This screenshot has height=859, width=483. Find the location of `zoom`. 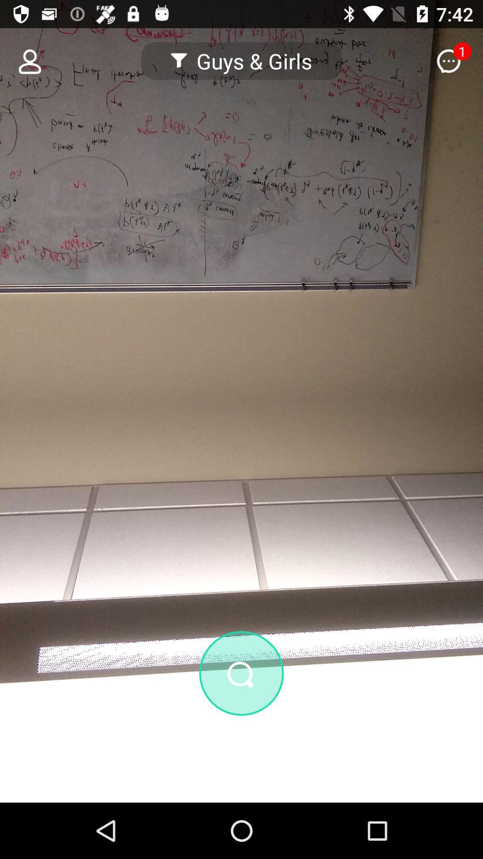

zoom is located at coordinates (241, 721).